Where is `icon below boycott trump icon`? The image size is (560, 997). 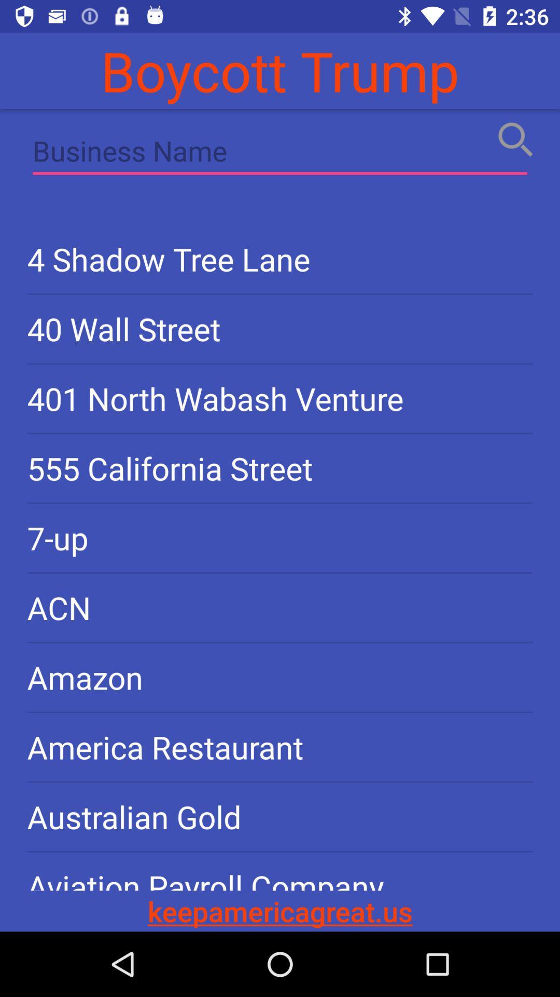 icon below boycott trump icon is located at coordinates (280, 153).